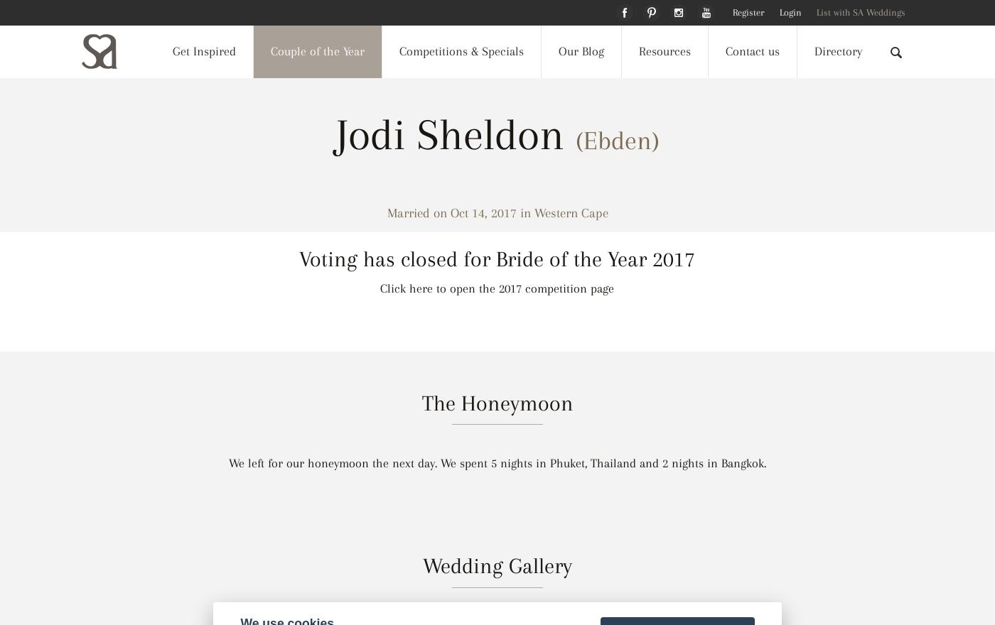 Image resolution: width=995 pixels, height=625 pixels. I want to click on 'Couple of the Year', so click(318, 51).